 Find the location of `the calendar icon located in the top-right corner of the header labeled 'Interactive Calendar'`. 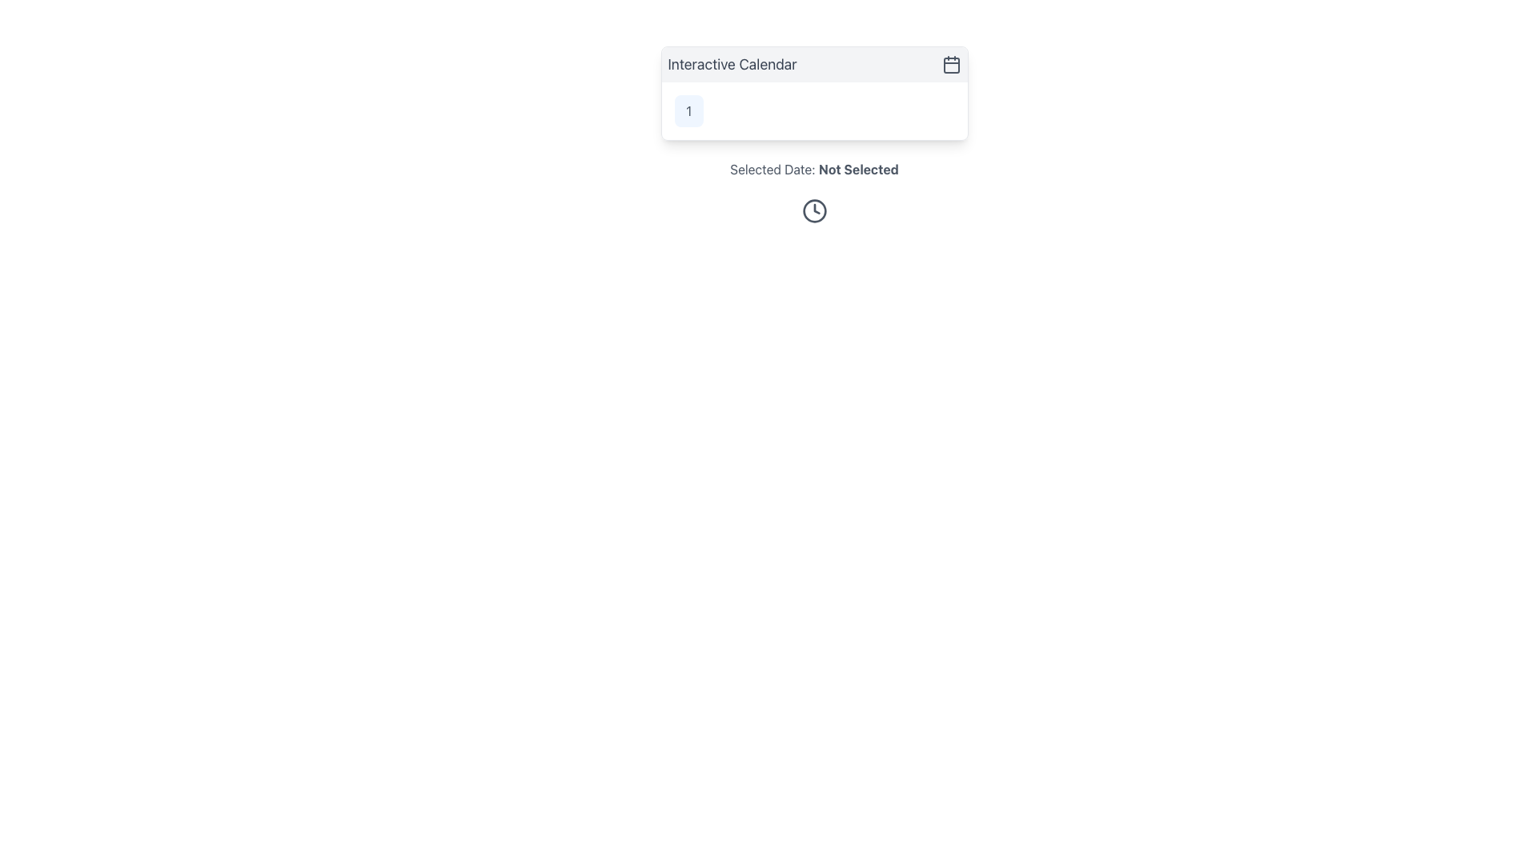

the calendar icon located in the top-right corner of the header labeled 'Interactive Calendar' is located at coordinates (951, 64).